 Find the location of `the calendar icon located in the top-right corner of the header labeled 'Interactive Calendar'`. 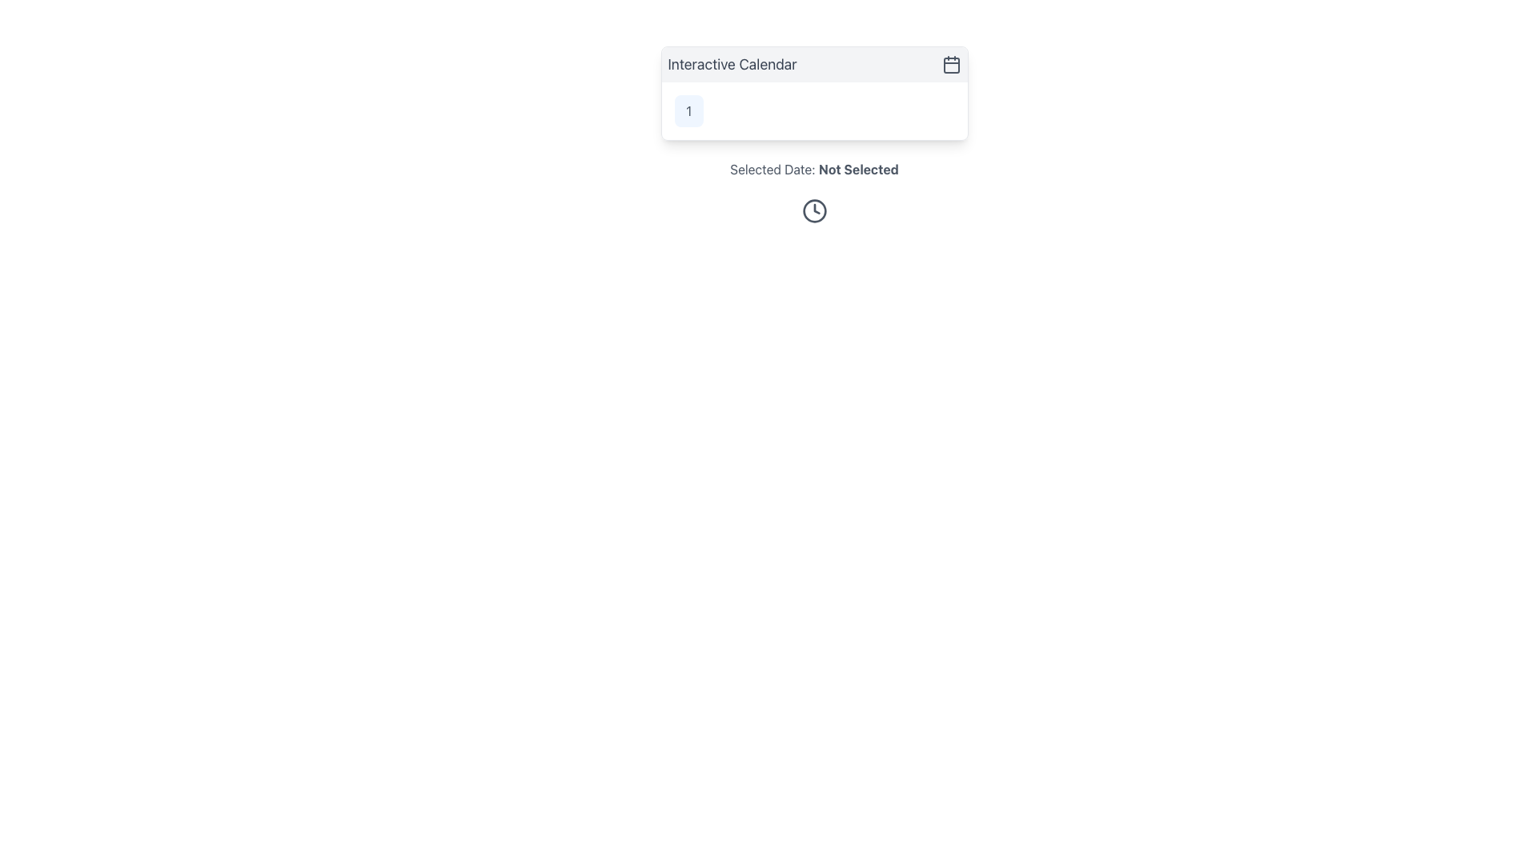

the calendar icon located in the top-right corner of the header labeled 'Interactive Calendar' is located at coordinates (951, 64).